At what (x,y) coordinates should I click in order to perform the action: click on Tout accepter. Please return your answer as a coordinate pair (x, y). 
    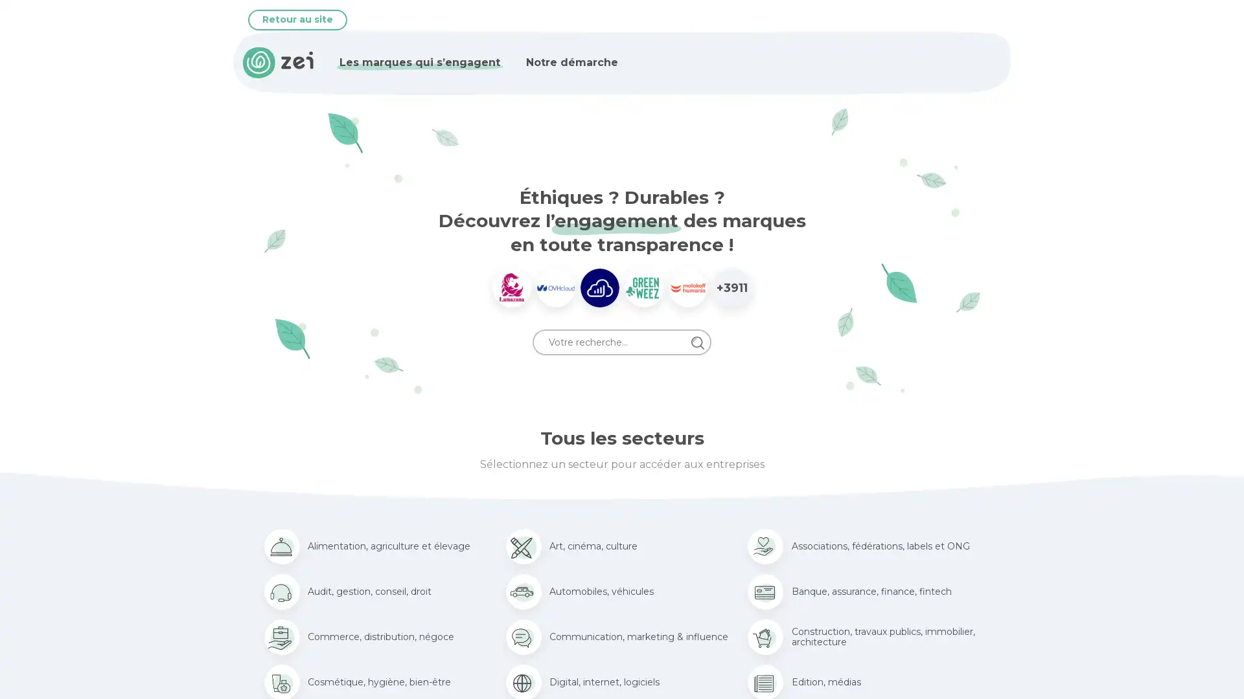
    Looking at the image, I should click on (133, 612).